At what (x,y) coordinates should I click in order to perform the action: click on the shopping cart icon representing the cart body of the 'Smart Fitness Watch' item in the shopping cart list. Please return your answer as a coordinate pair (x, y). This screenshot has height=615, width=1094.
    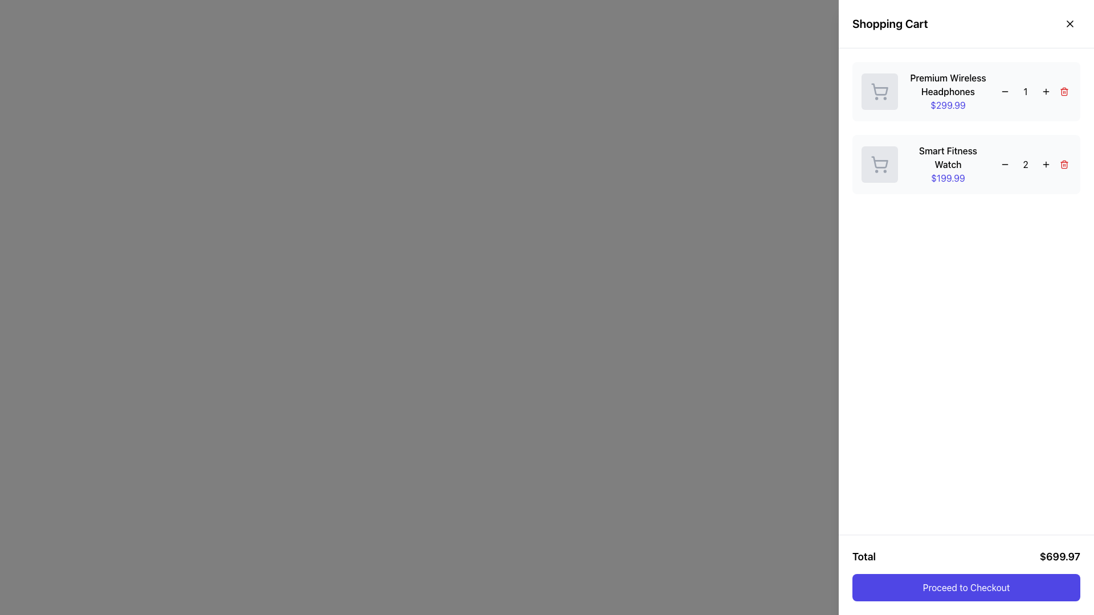
    Looking at the image, I should click on (879, 162).